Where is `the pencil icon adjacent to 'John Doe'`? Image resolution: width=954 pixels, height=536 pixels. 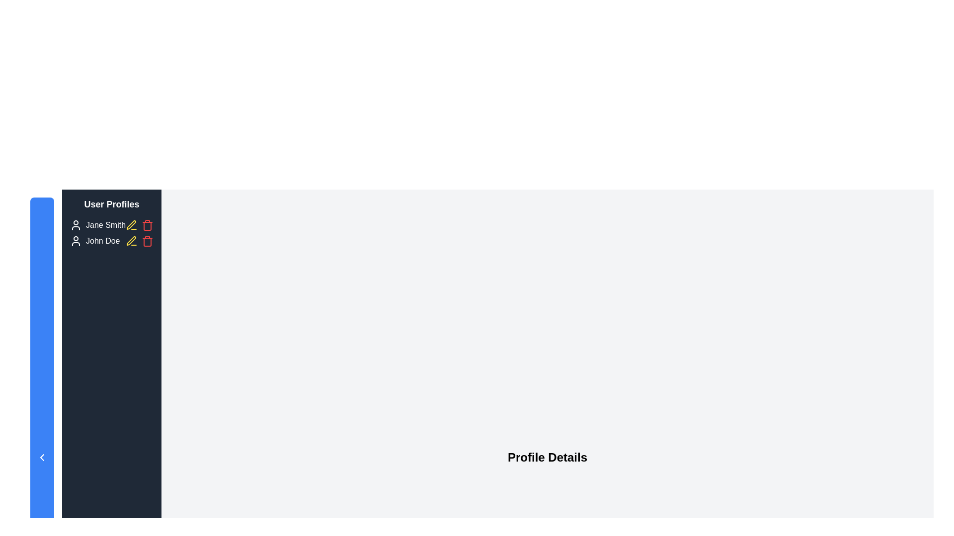
the pencil icon adjacent to 'John Doe' is located at coordinates (131, 225).